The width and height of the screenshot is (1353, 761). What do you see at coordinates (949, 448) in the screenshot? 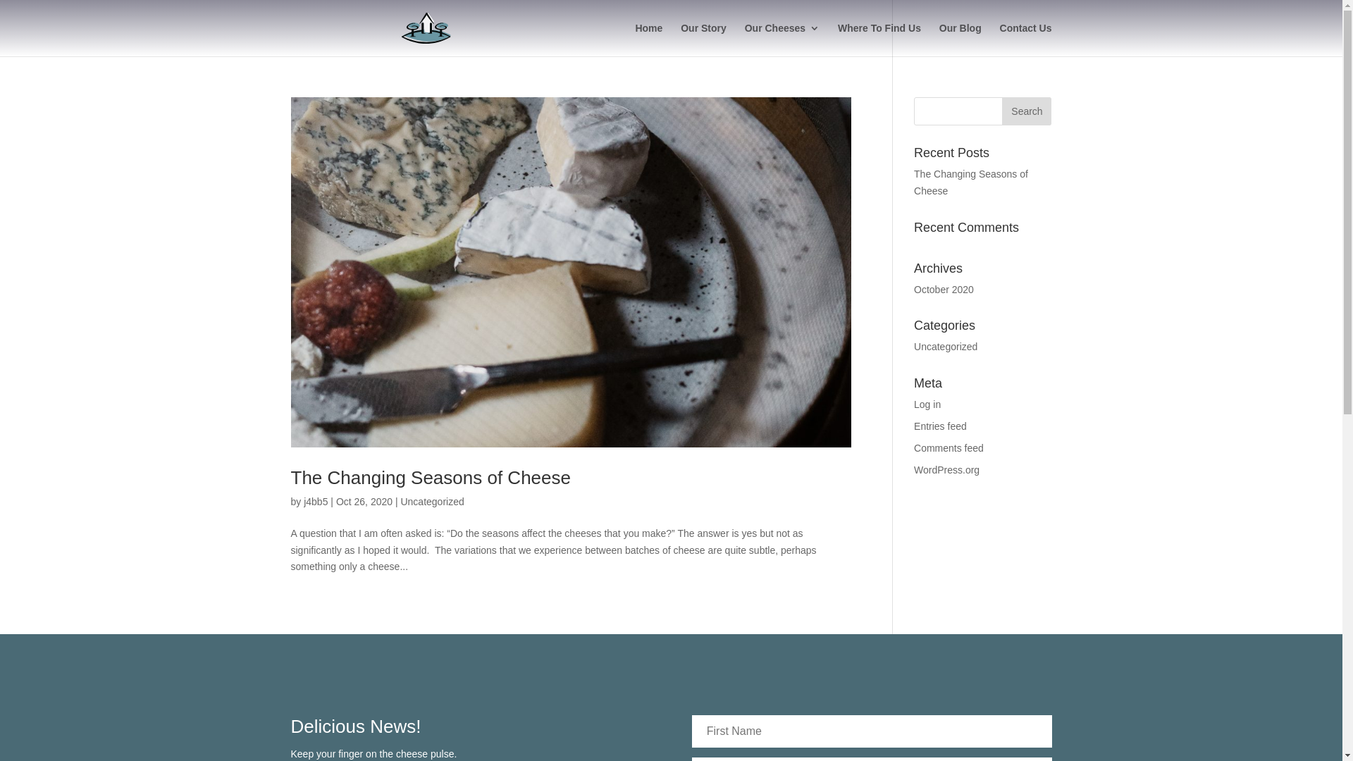
I see `'Comments feed'` at bounding box center [949, 448].